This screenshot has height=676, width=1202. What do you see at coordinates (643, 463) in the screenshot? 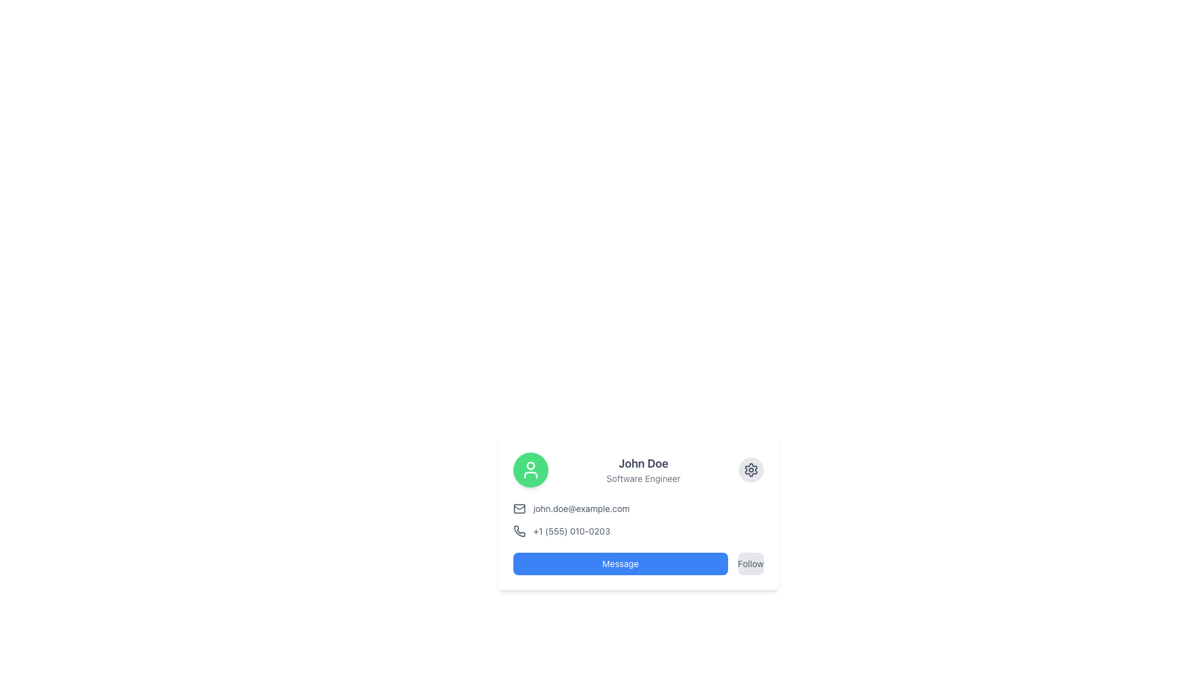
I see `the text label that says 'John Doe', which is a bold text positioned at the top of the profile card layout` at bounding box center [643, 463].